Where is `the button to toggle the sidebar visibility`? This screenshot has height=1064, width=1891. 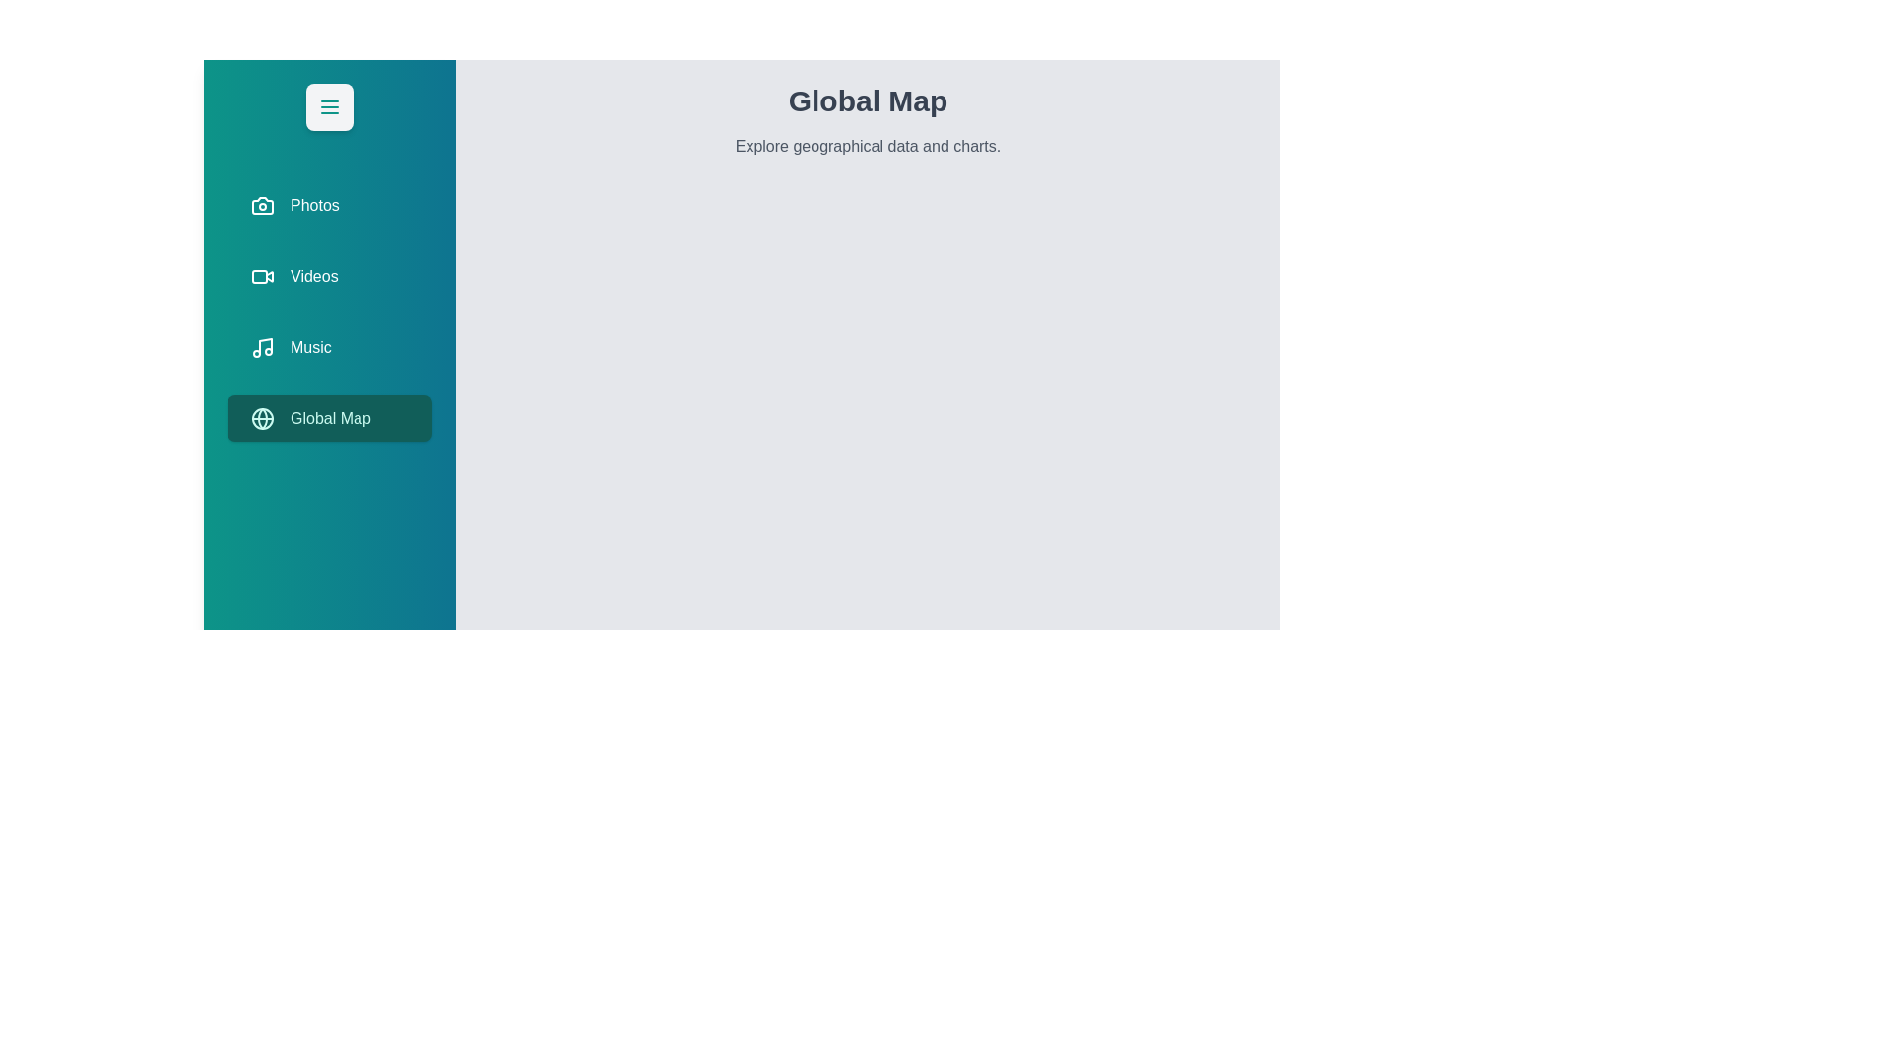 the button to toggle the sidebar visibility is located at coordinates (330, 106).